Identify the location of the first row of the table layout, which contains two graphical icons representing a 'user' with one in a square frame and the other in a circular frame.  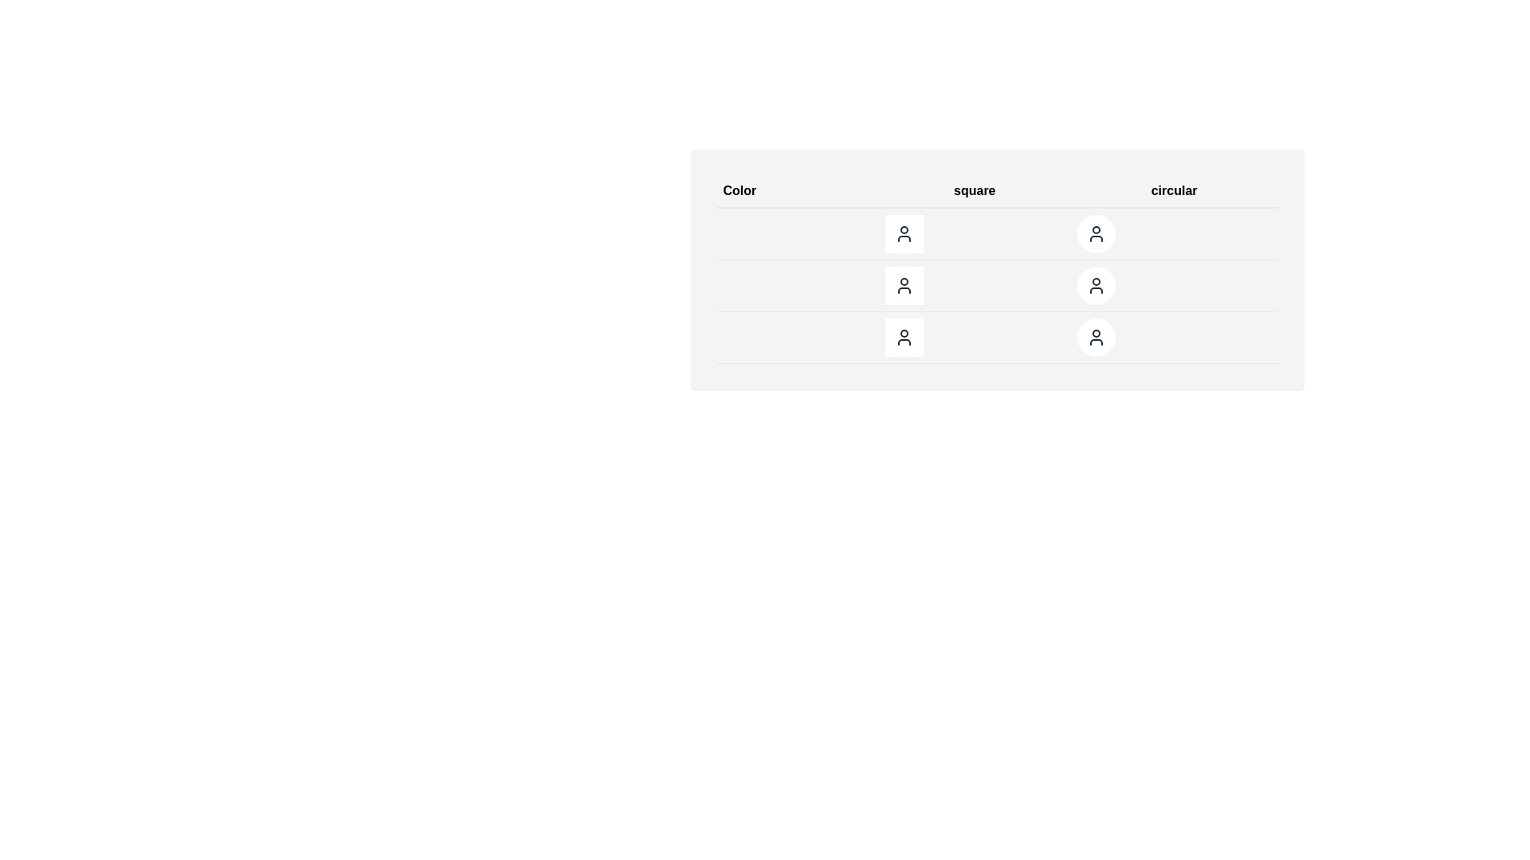
(996, 233).